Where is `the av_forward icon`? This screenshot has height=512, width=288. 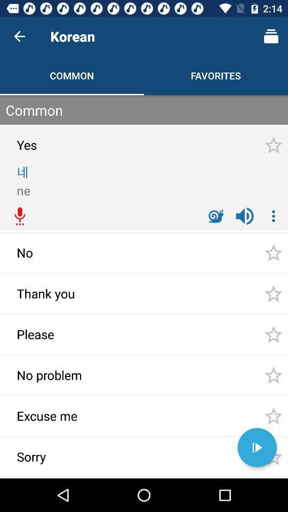 the av_forward icon is located at coordinates (257, 447).